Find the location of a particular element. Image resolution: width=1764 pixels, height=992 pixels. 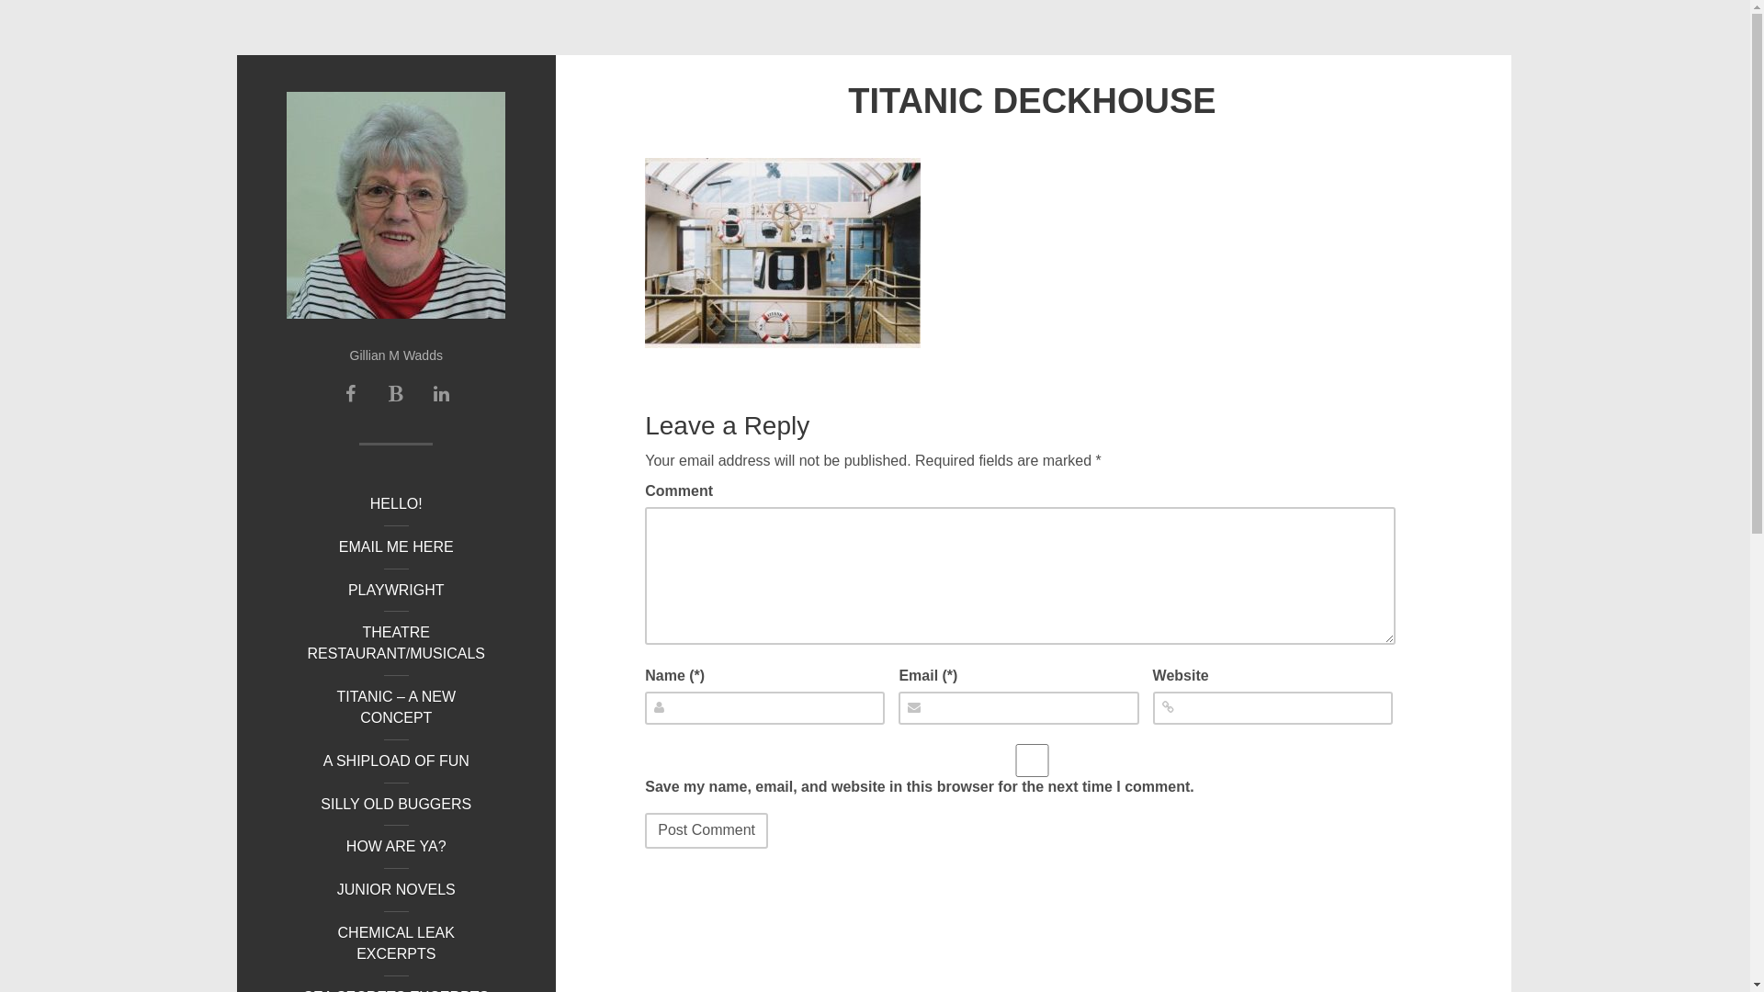

'A SHIPLOAD OF FUN' is located at coordinates (395, 761).